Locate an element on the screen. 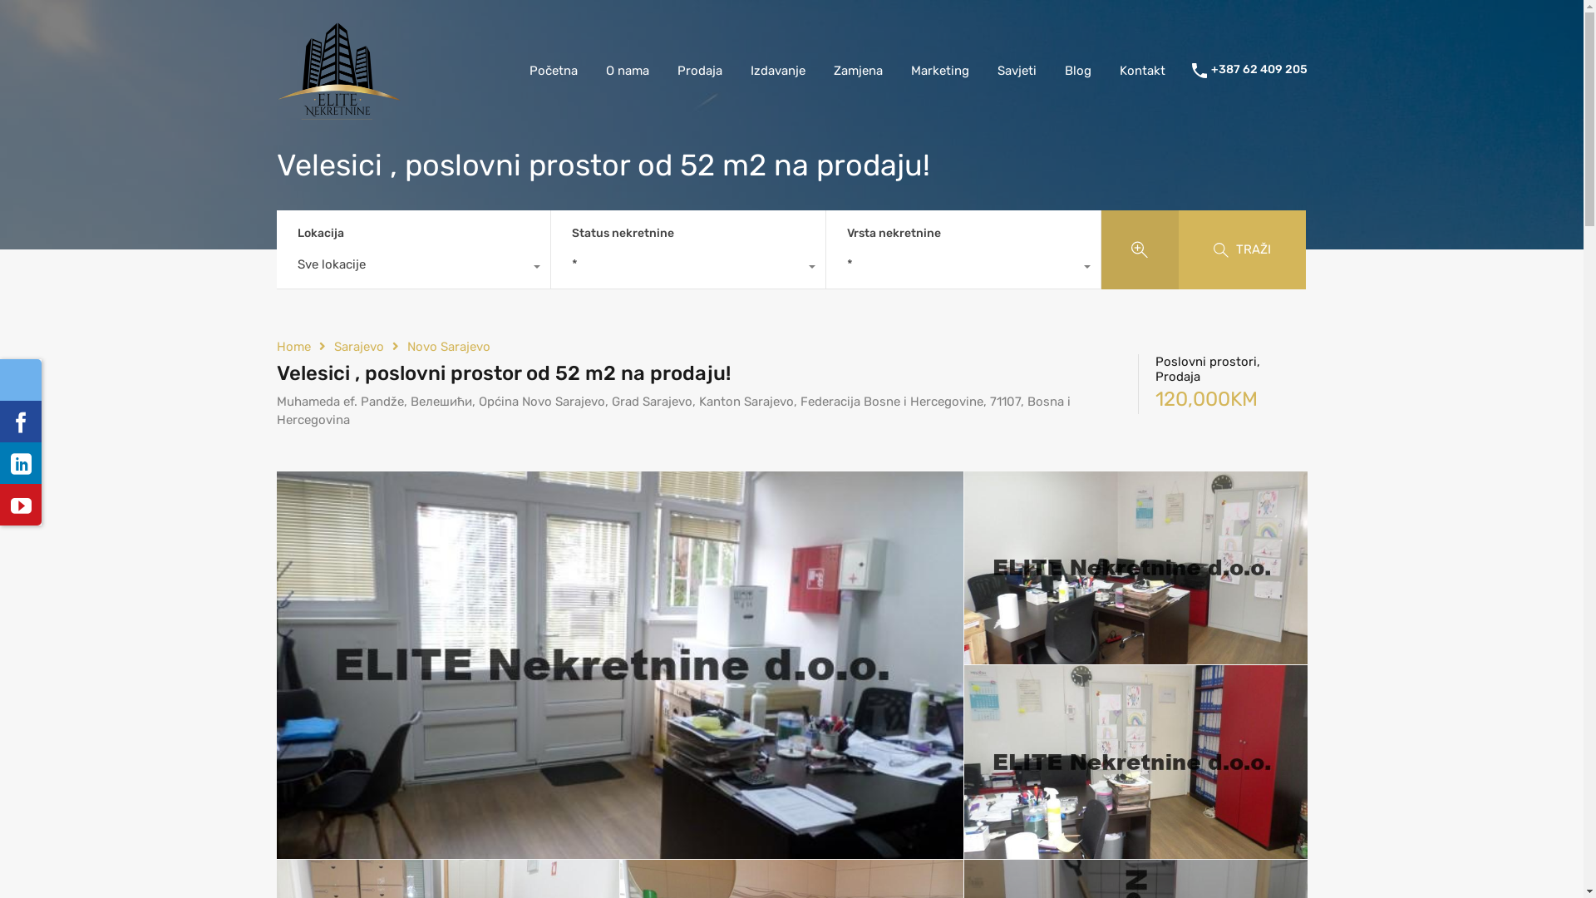 This screenshot has width=1596, height=898. 'Marketing' is located at coordinates (938, 69).